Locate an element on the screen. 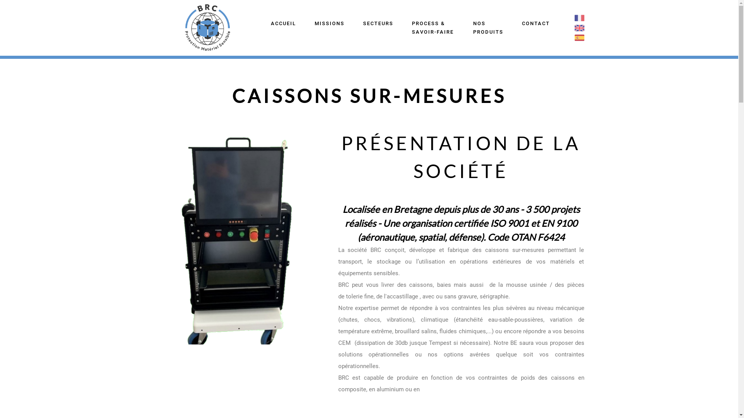 This screenshot has width=744, height=418. 'PROCESS & SAVOIR-FAIRE' is located at coordinates (433, 27).